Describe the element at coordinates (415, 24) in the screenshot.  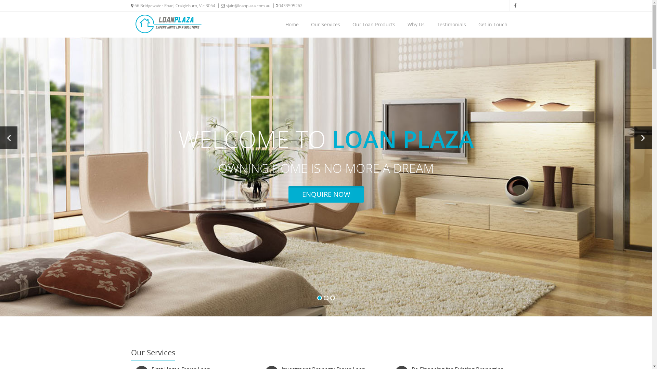
I see `'Why Us'` at that location.